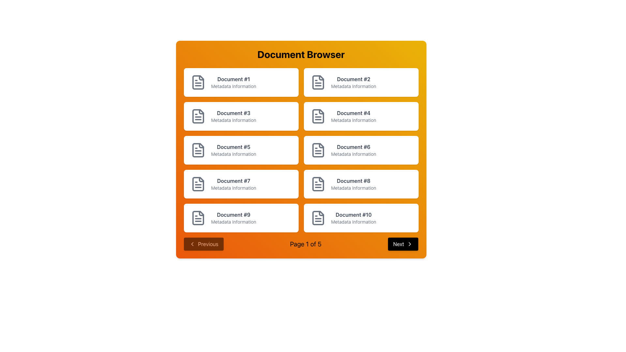 This screenshot has width=626, height=352. Describe the element at coordinates (361, 116) in the screenshot. I see `to select the 'Document #4' card, which has a document file icon on the left and the text 'Document #4' in bold, along with 'Metadata Information' below it` at that location.